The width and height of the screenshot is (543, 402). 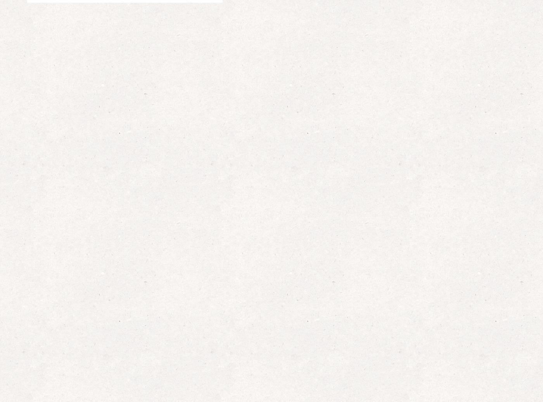 What do you see at coordinates (271, 300) in the screenshot?
I see `'3 October 2023'` at bounding box center [271, 300].